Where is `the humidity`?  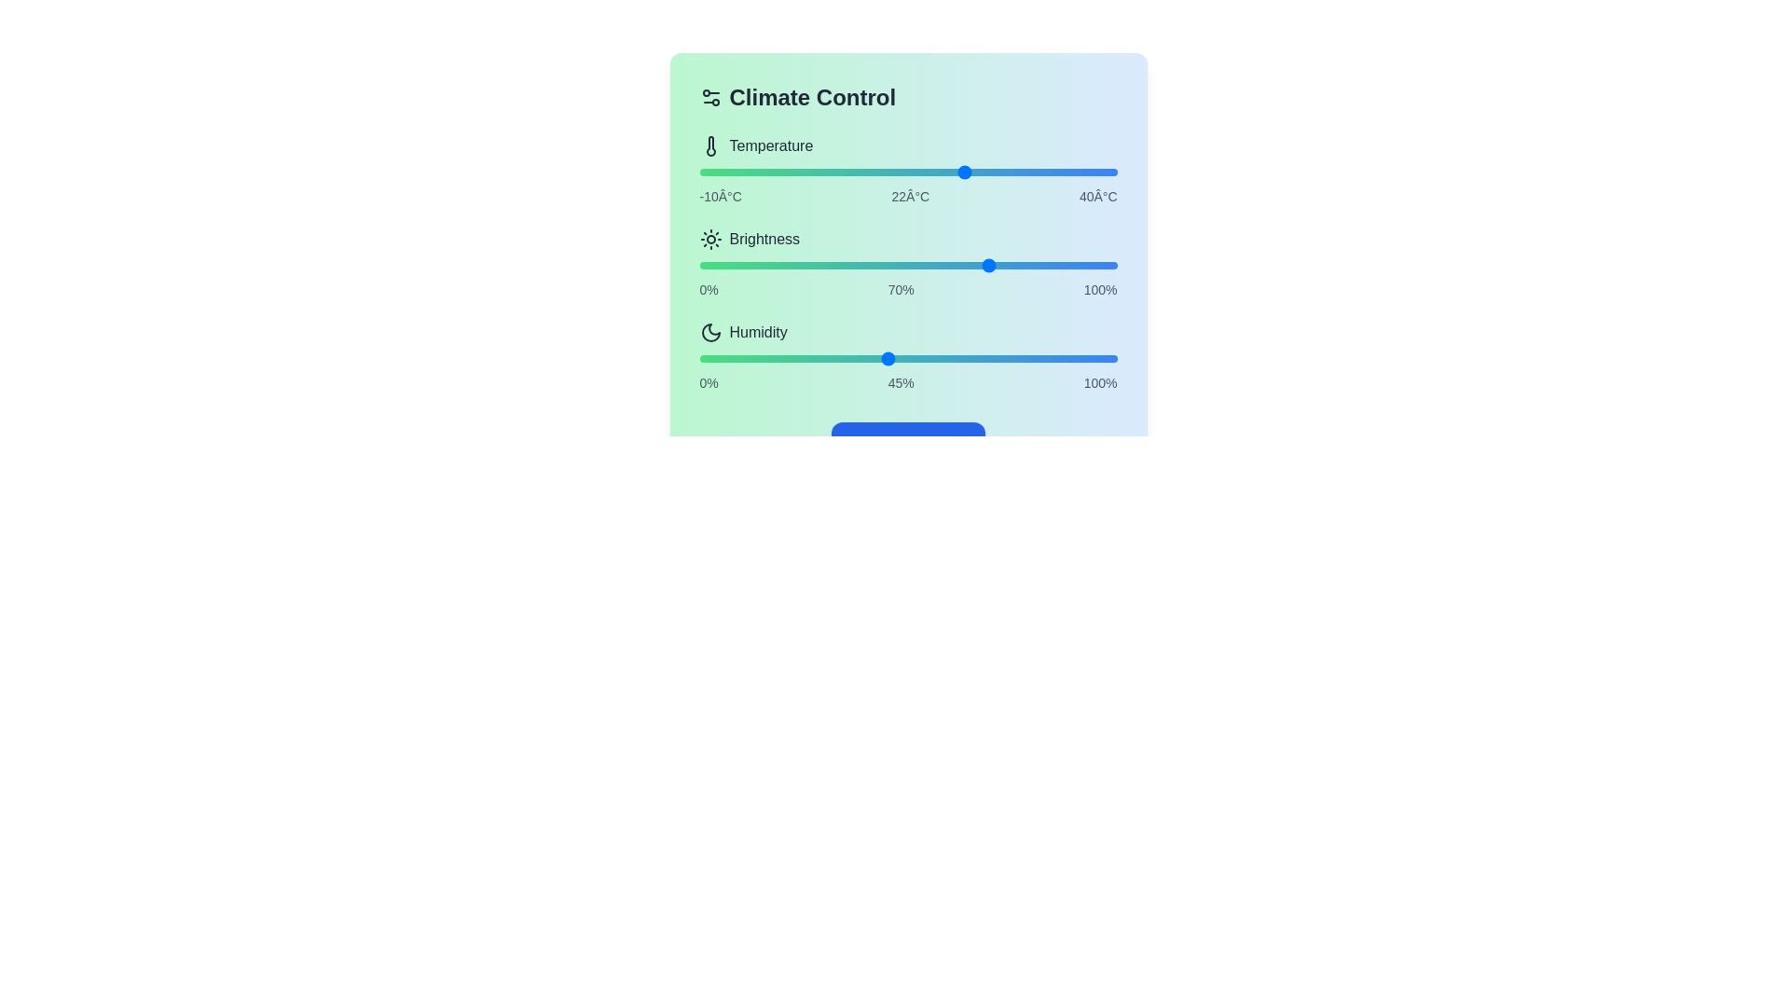 the humidity is located at coordinates (908, 359).